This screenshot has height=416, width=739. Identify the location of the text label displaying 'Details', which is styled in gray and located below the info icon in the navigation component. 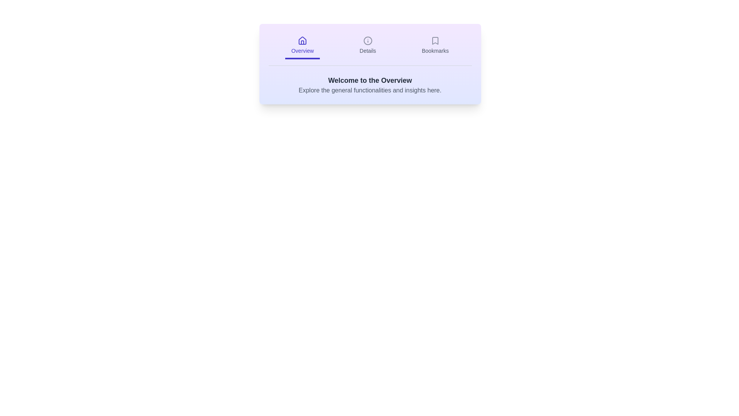
(367, 50).